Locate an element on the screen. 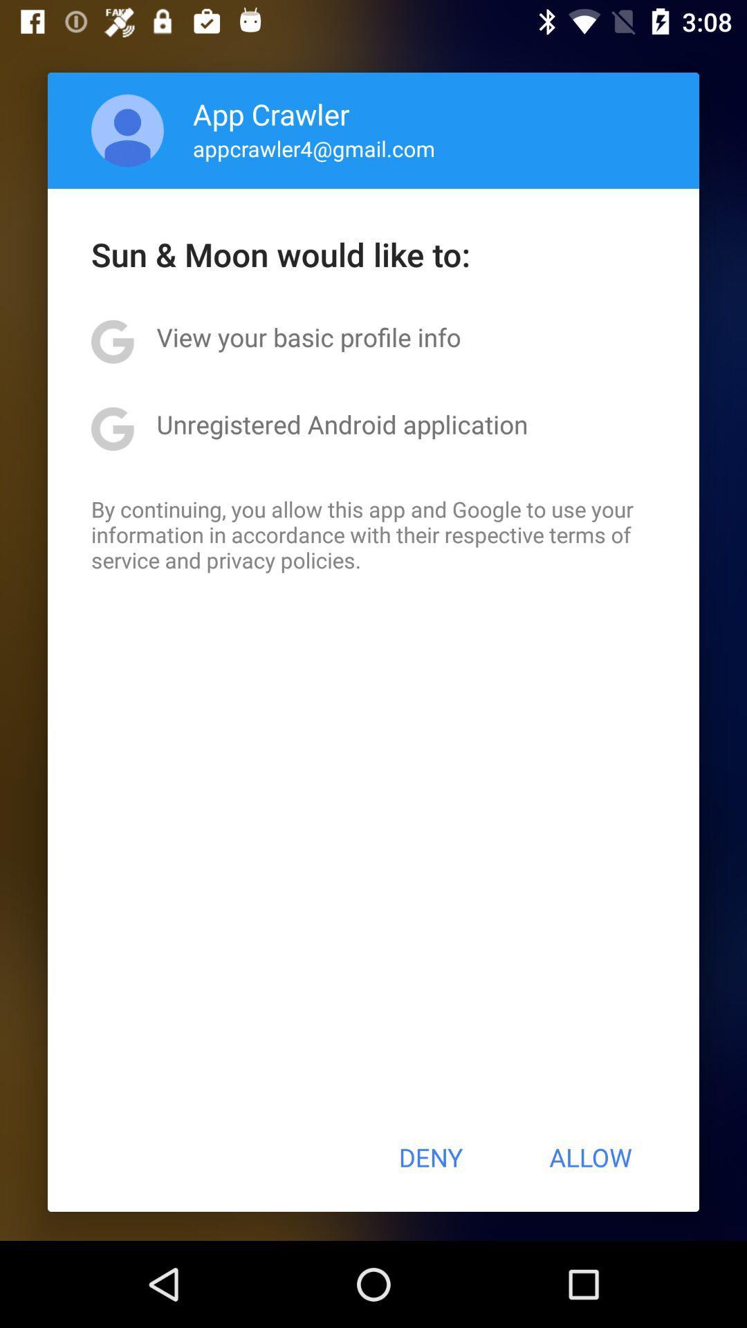 This screenshot has width=747, height=1328. the app below app crawler item is located at coordinates (314, 148).